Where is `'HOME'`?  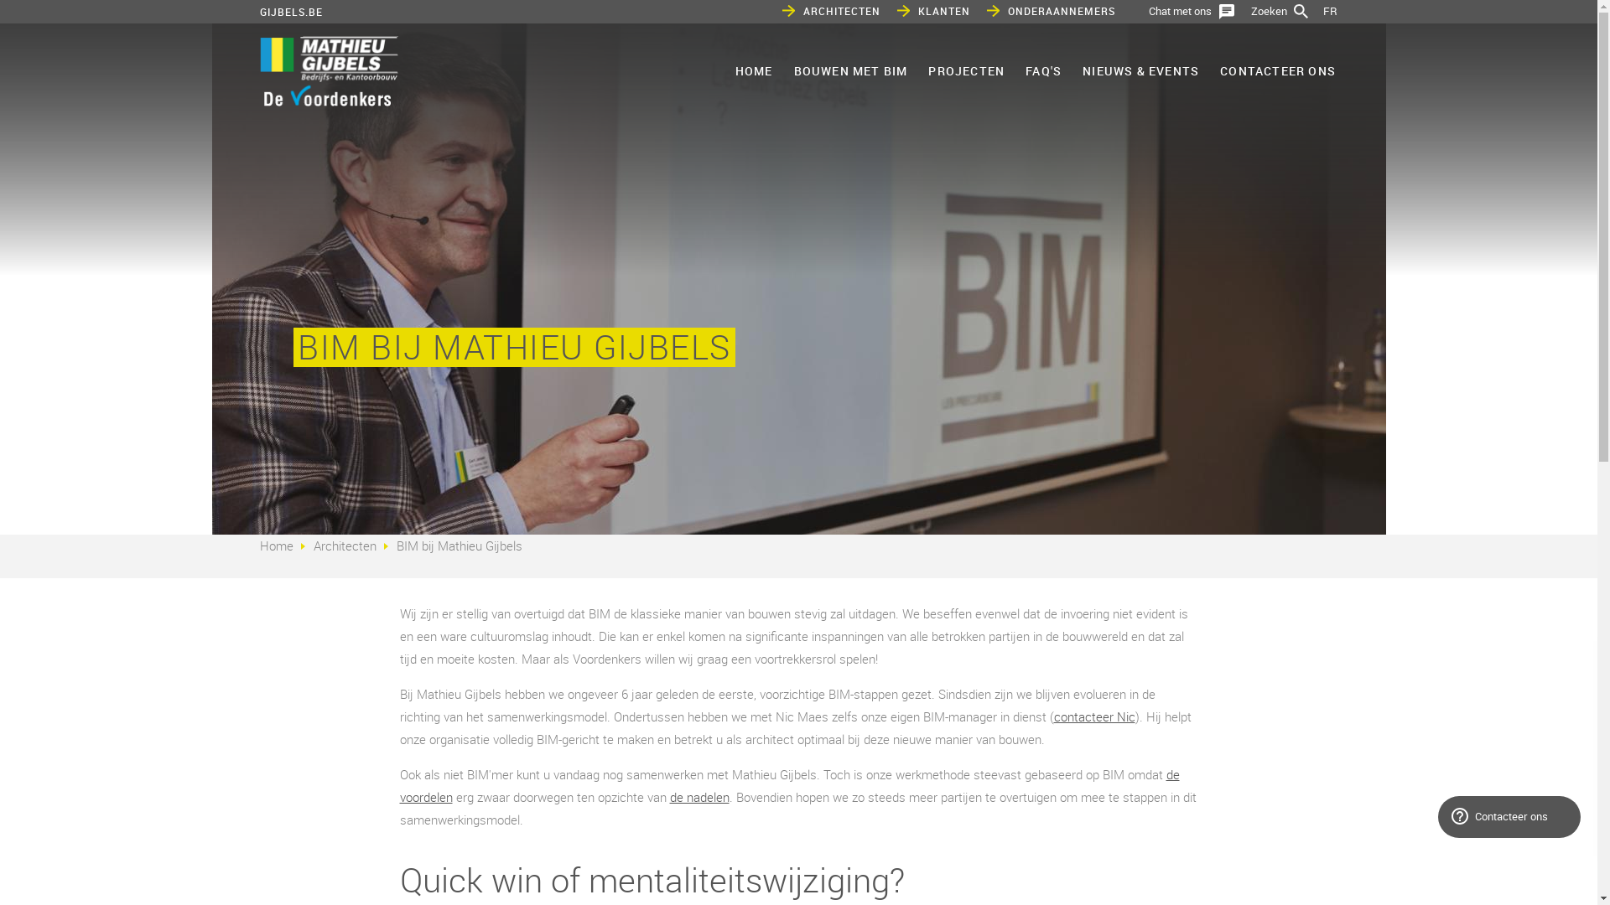 'HOME' is located at coordinates (752, 70).